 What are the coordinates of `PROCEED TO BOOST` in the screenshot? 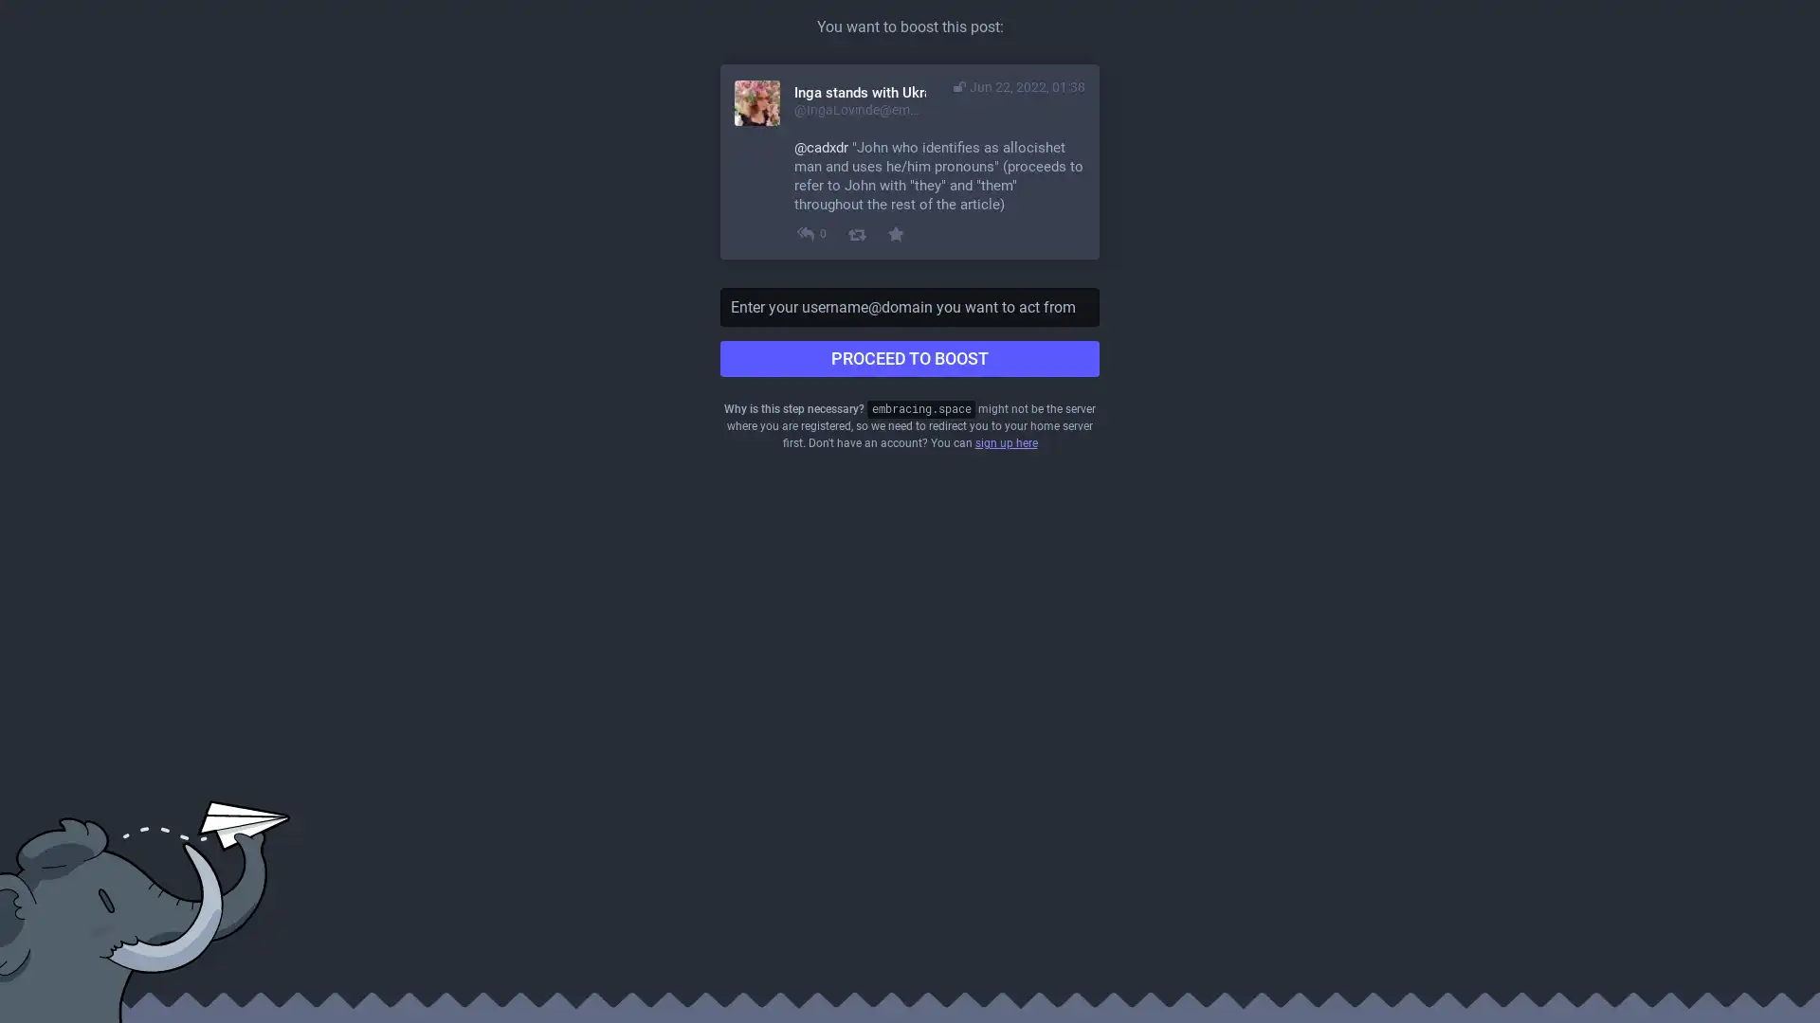 It's located at (910, 358).